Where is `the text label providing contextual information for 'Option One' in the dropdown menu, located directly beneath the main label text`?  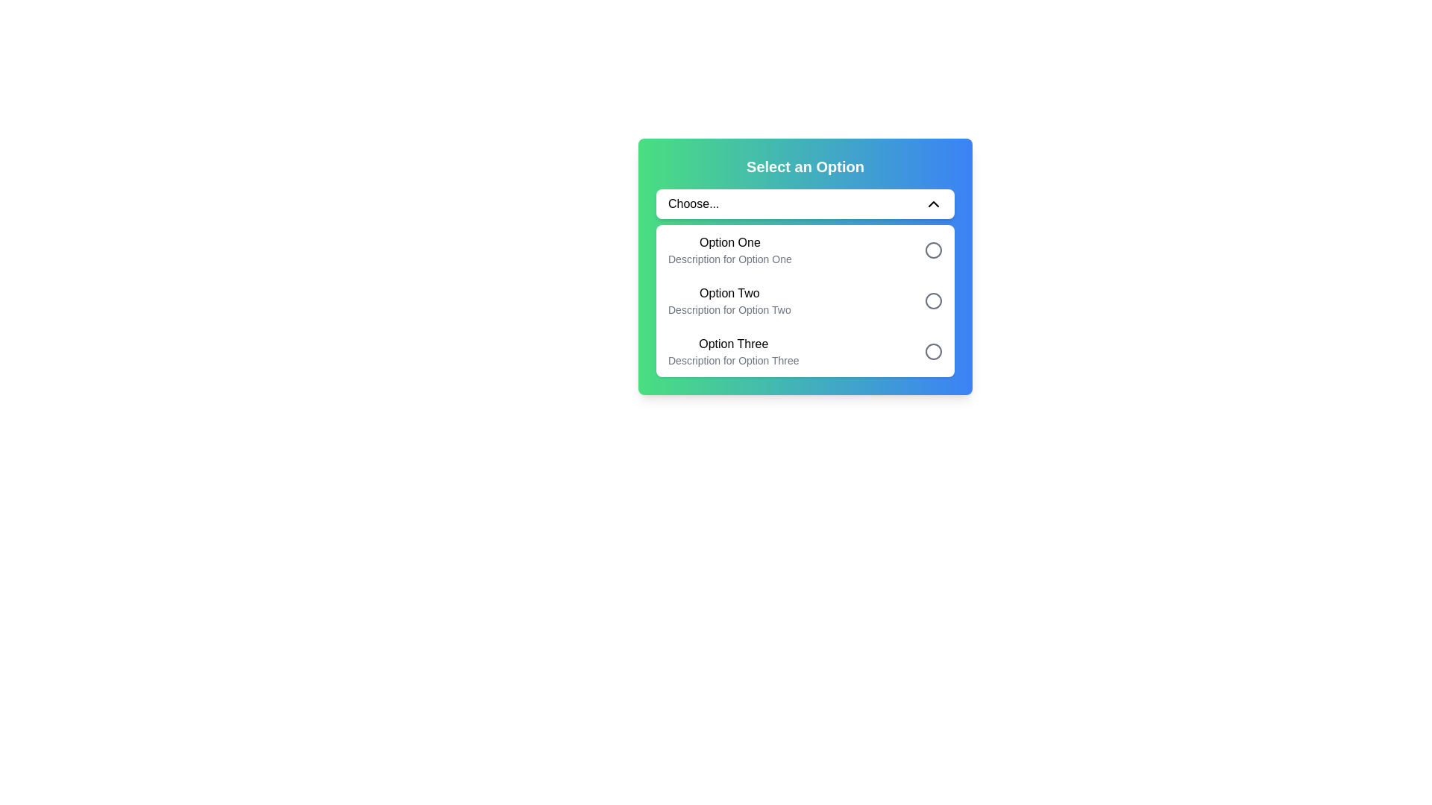 the text label providing contextual information for 'Option One' in the dropdown menu, located directly beneath the main label text is located at coordinates (729, 258).